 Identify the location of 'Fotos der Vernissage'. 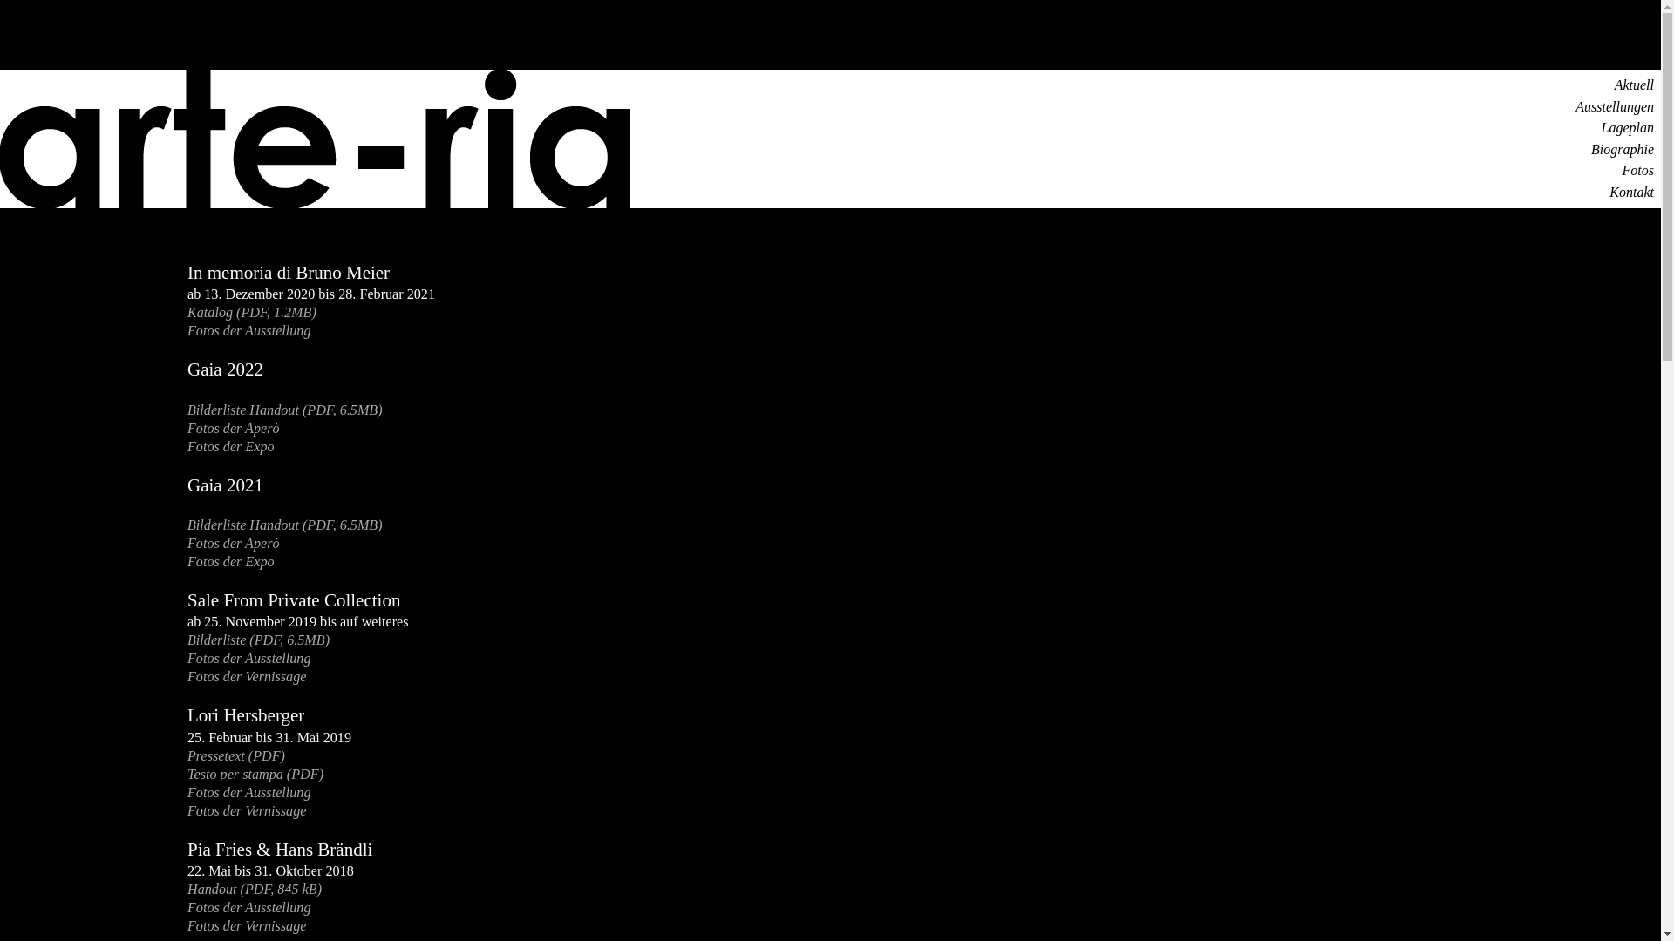
(246, 810).